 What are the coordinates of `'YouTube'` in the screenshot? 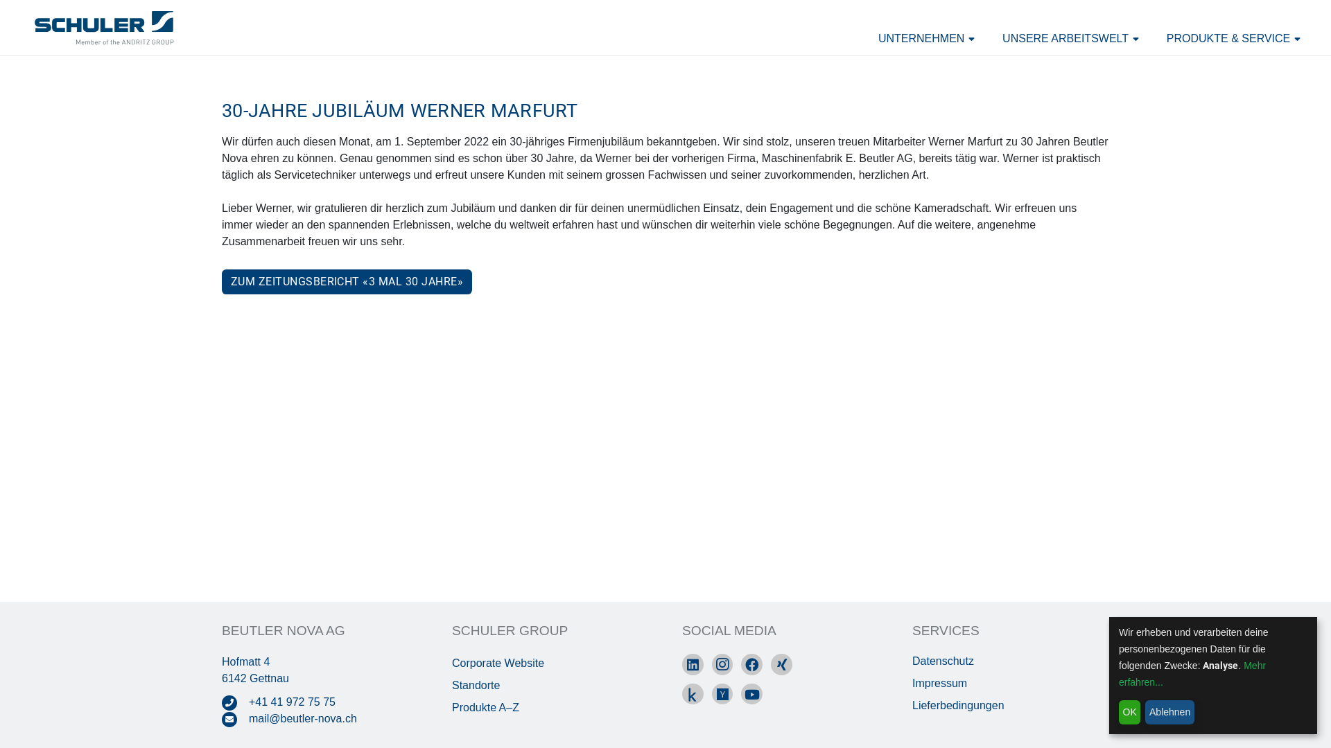 It's located at (740, 694).